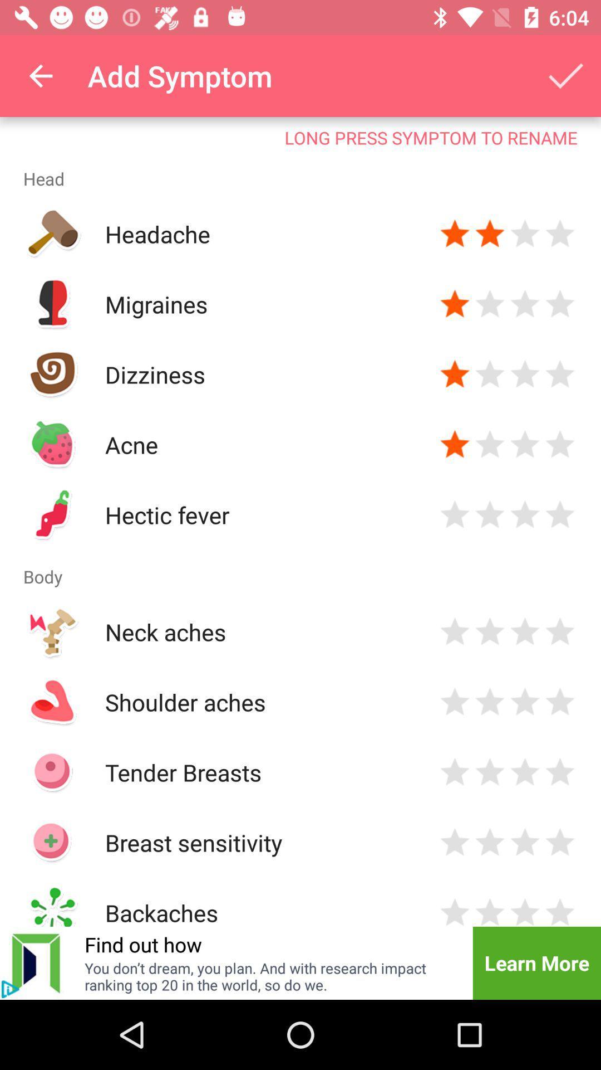  Describe the element at coordinates (489, 234) in the screenshot. I see `press to rate severity of symptom` at that location.